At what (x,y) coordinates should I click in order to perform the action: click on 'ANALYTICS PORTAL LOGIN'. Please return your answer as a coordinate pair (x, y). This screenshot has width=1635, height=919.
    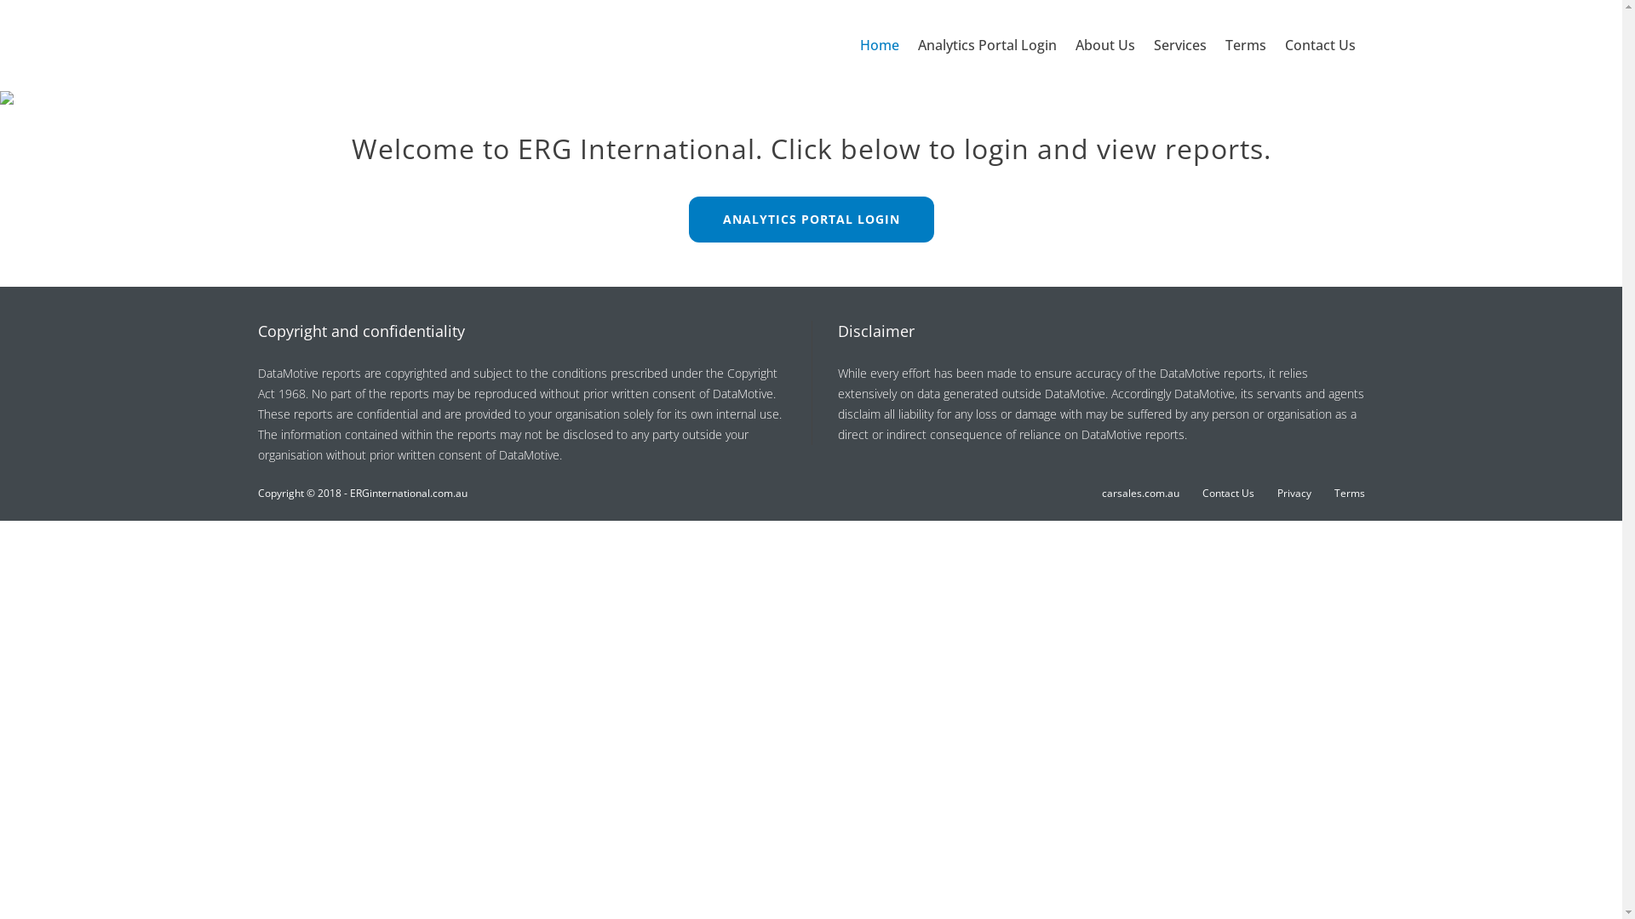
    Looking at the image, I should click on (809, 219).